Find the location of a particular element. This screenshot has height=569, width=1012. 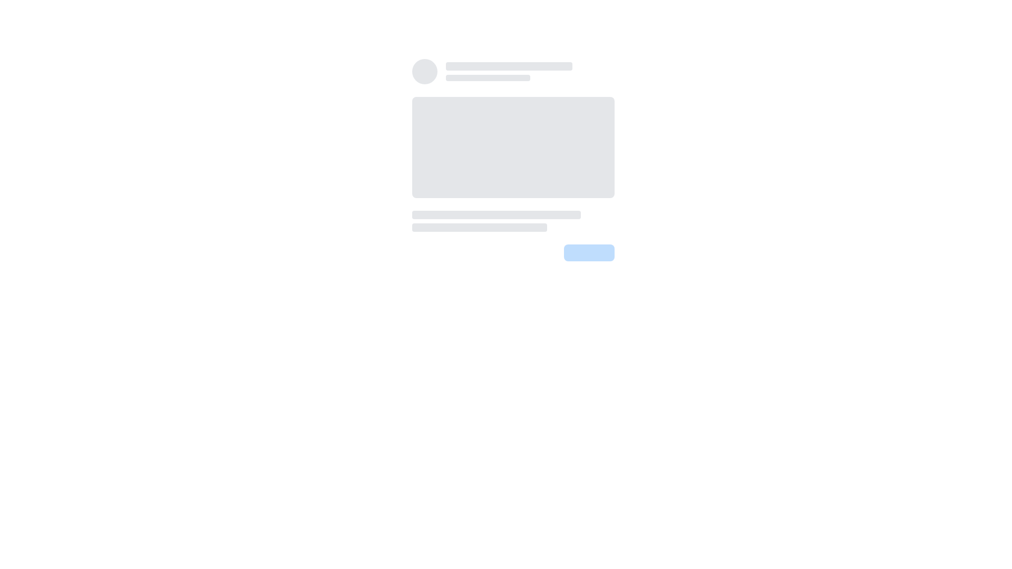

the top placeholder stripe element that serves as a loader, indicating that content is loading is located at coordinates (509, 66).